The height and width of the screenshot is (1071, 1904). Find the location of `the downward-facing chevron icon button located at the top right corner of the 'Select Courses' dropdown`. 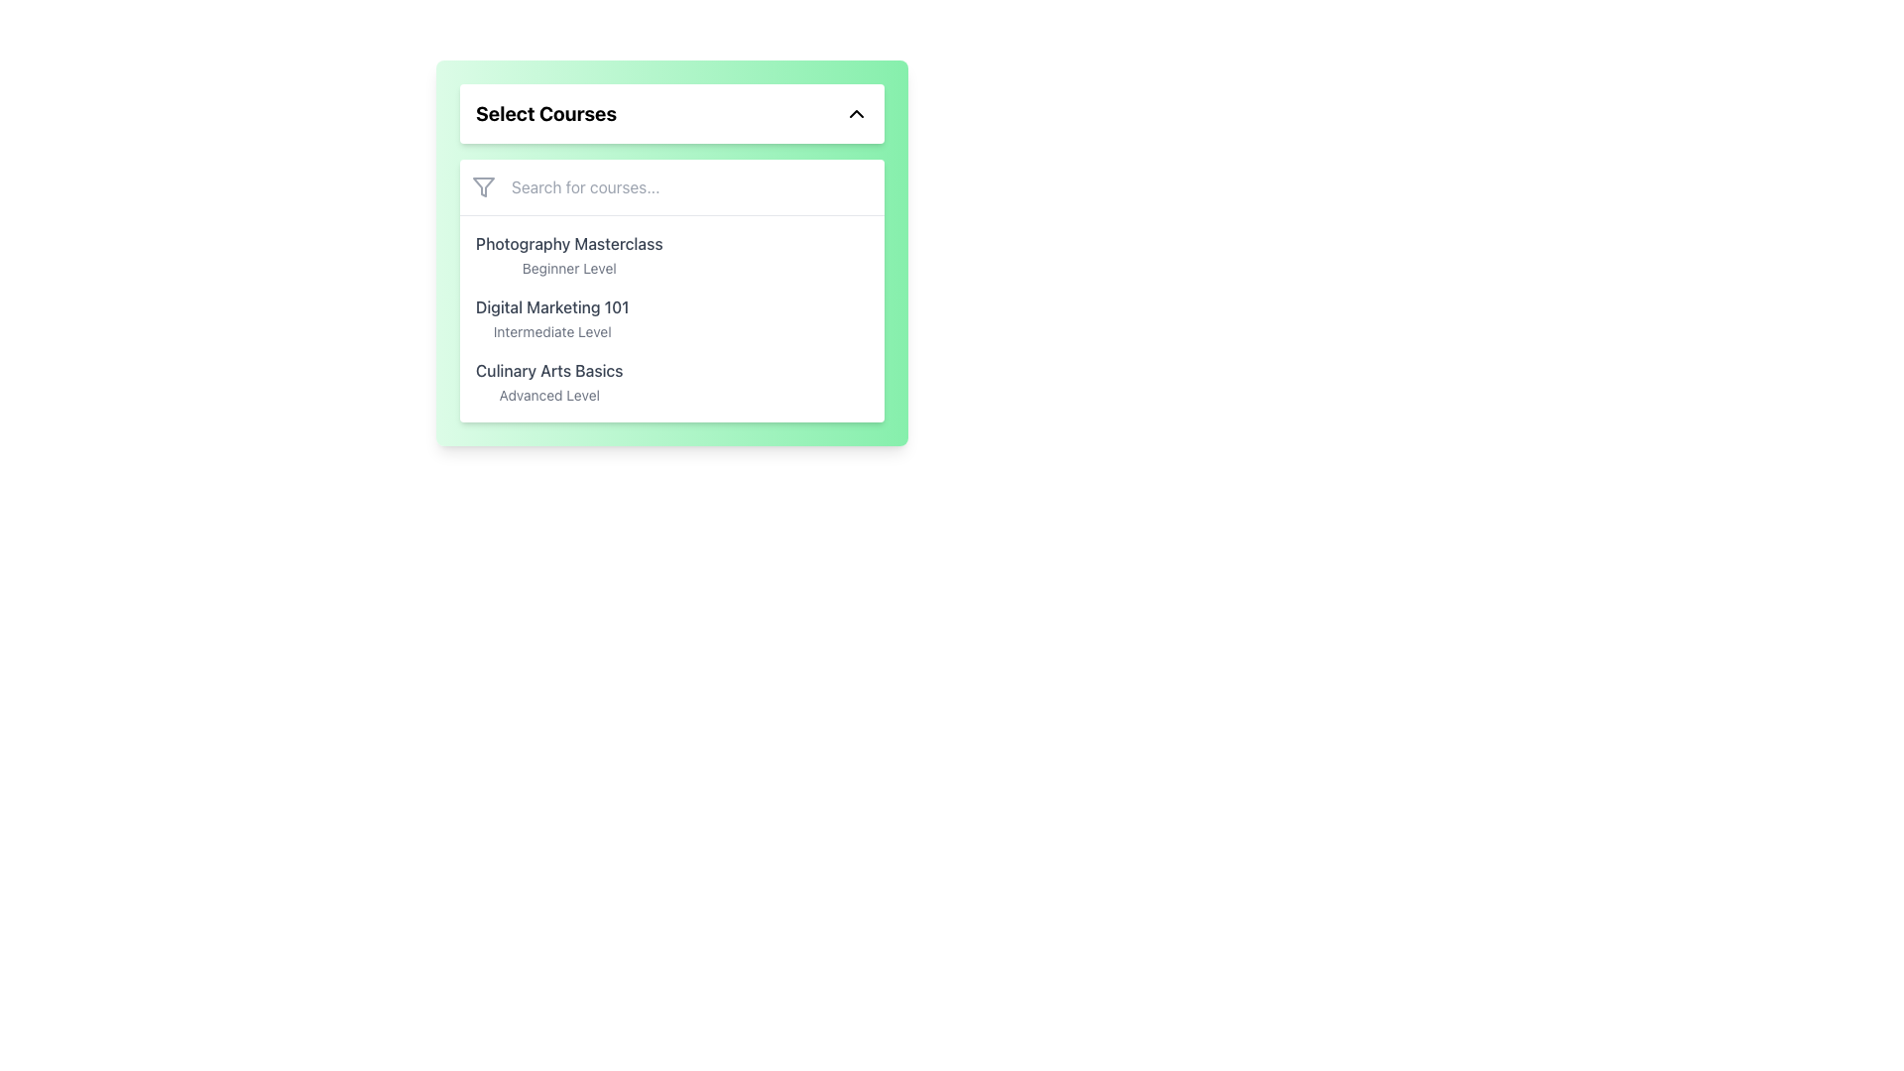

the downward-facing chevron icon button located at the top right corner of the 'Select Courses' dropdown is located at coordinates (857, 114).